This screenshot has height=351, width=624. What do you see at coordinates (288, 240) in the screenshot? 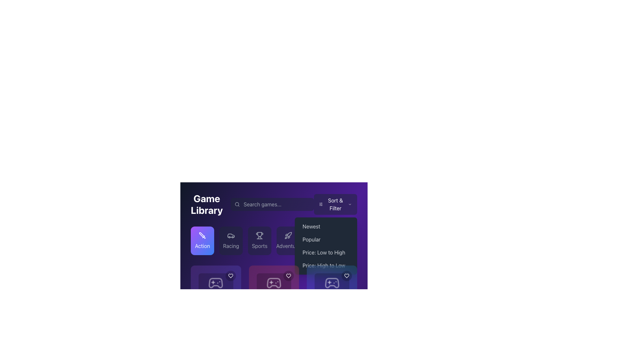
I see `the 'Adventure' button, which is a rounded rectangular button with a dark background and a rocket icon above the label, to visually highlight it` at bounding box center [288, 240].